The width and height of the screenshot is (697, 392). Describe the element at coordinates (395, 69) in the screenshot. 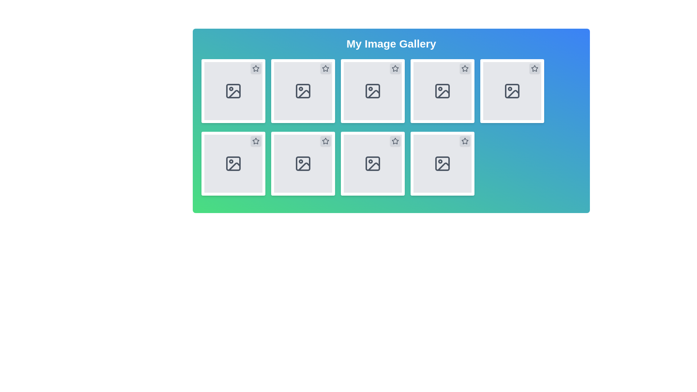

I see `the Interactive icon button located at the top right corner of the white square card in the second column of the first row of the grid layout` at that location.